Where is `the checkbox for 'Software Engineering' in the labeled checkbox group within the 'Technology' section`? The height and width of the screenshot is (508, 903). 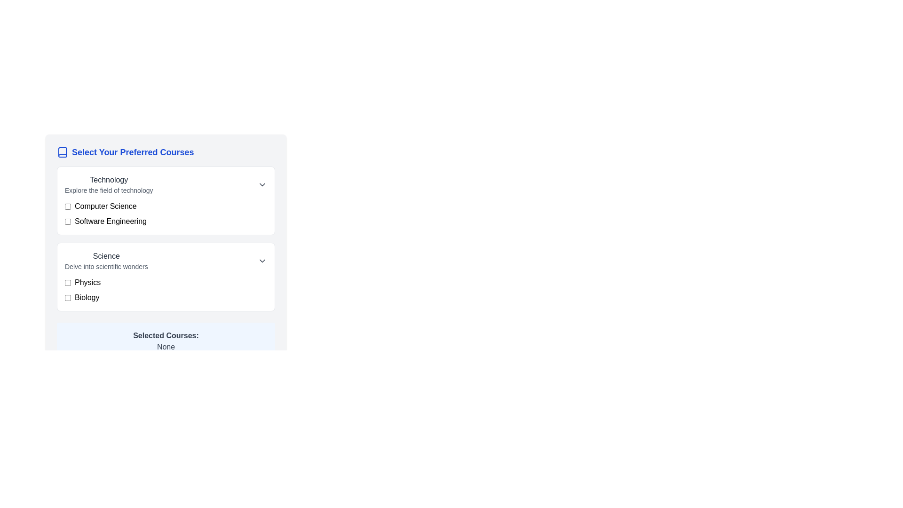
the checkbox for 'Software Engineering' in the labeled checkbox group within the 'Technology' section is located at coordinates (166, 214).